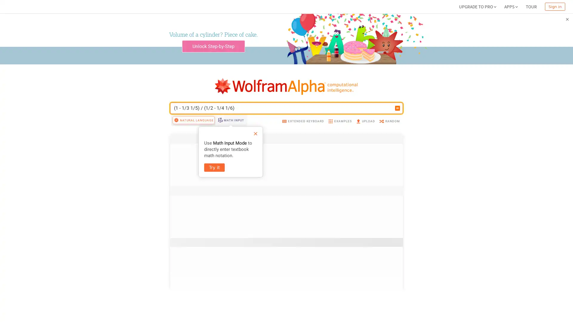  What do you see at coordinates (213, 46) in the screenshot?
I see `Unlock Step-by-Step` at bounding box center [213, 46].